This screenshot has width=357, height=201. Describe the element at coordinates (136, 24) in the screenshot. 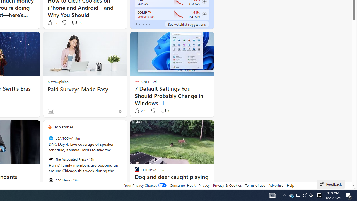

I see `'tab-0'` at that location.